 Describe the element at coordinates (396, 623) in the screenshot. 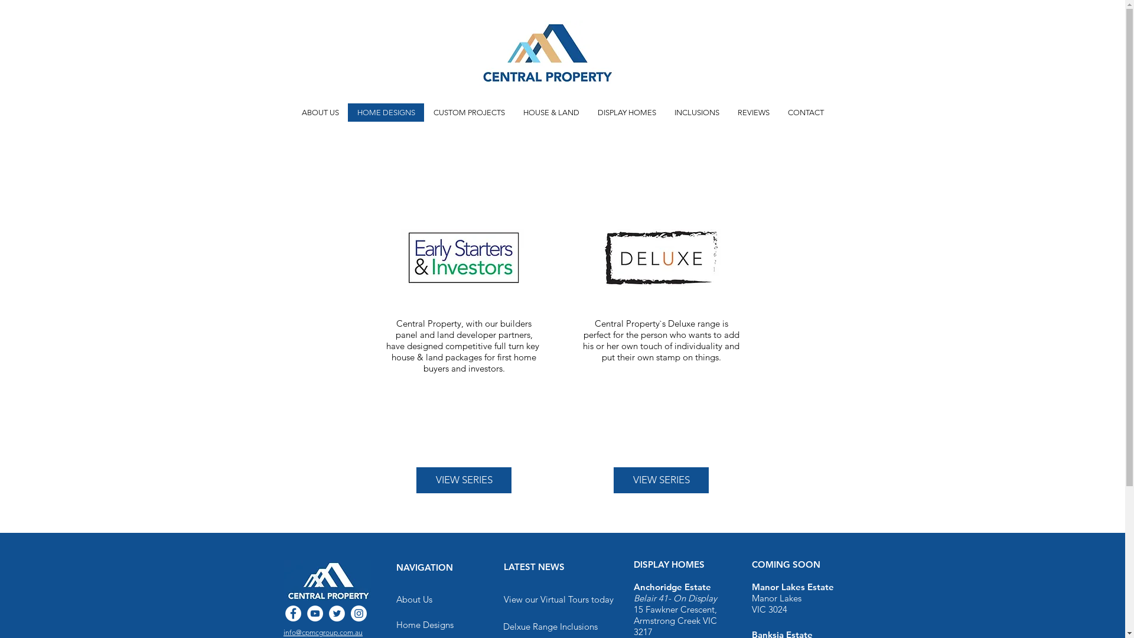

I see `'Home Designs'` at that location.